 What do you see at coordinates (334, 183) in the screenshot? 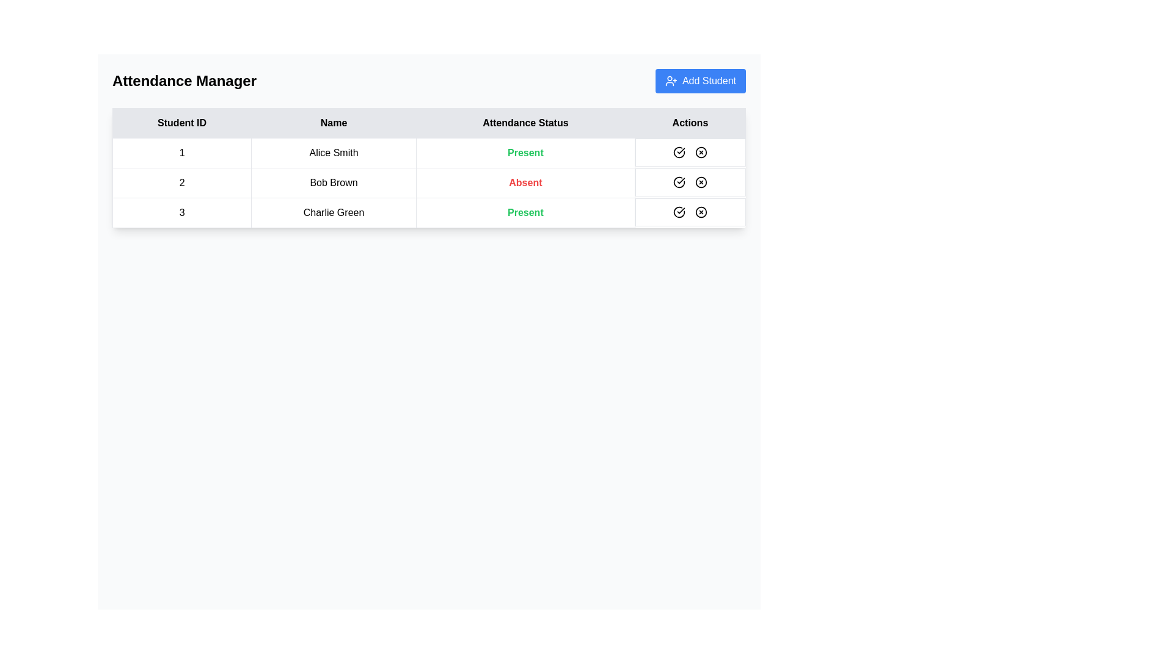
I see `text displayed for the student 'Bob Brown' located in the second row of the 'Name' column in the table, adjacent to '2' on the left and 'Absent' on the right` at bounding box center [334, 183].